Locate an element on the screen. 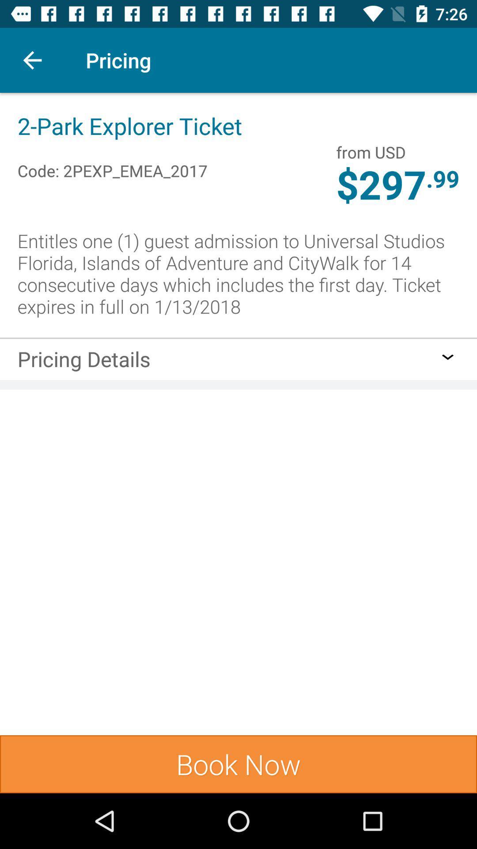  item below 2 park explorer item is located at coordinates (112, 161).